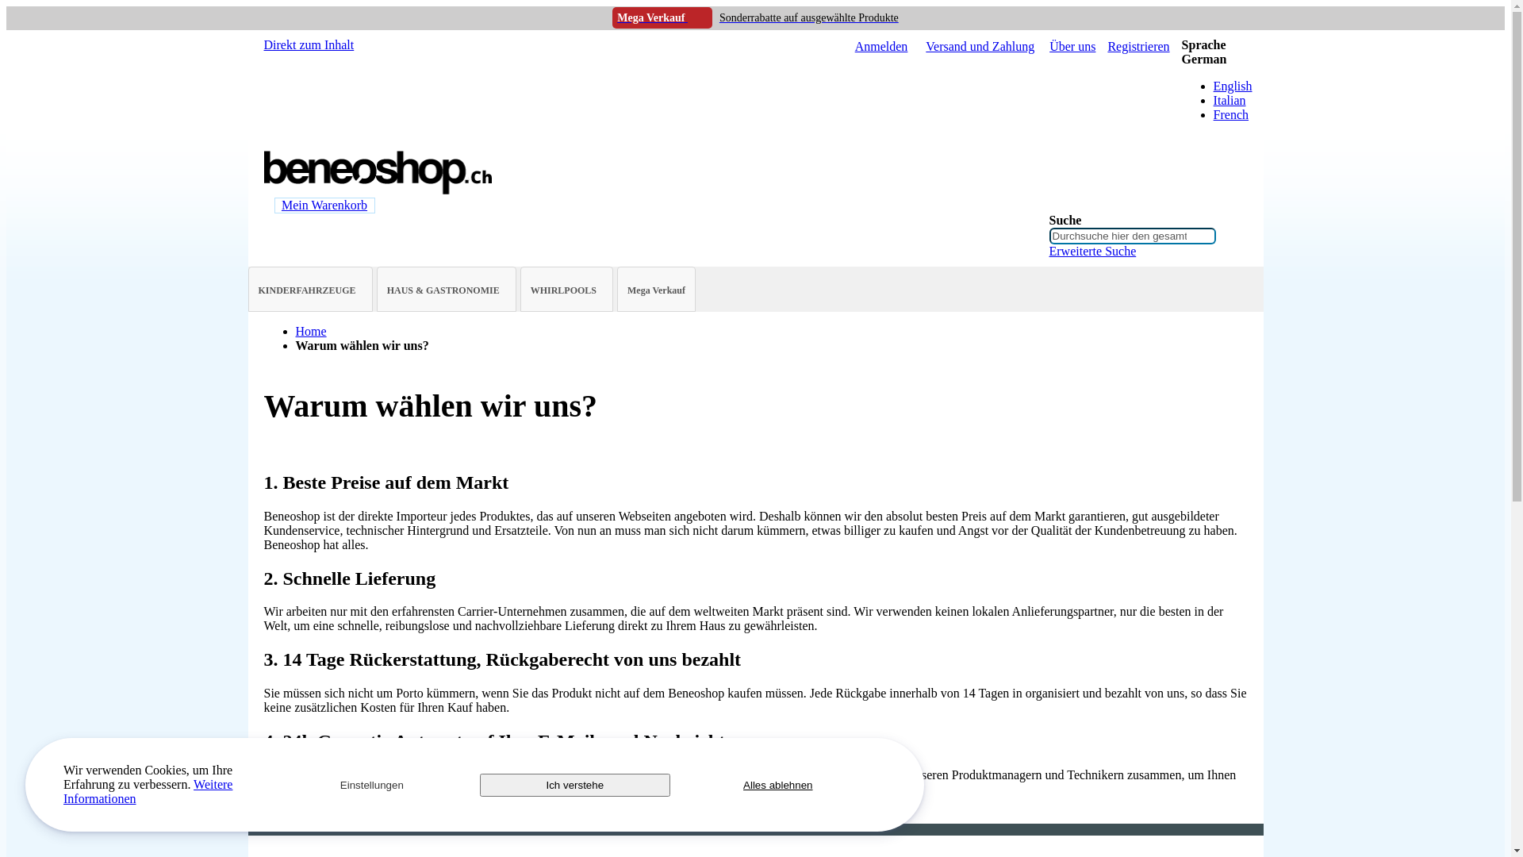 The image size is (1523, 857). Describe the element at coordinates (1229, 100) in the screenshot. I see `'Italian'` at that location.